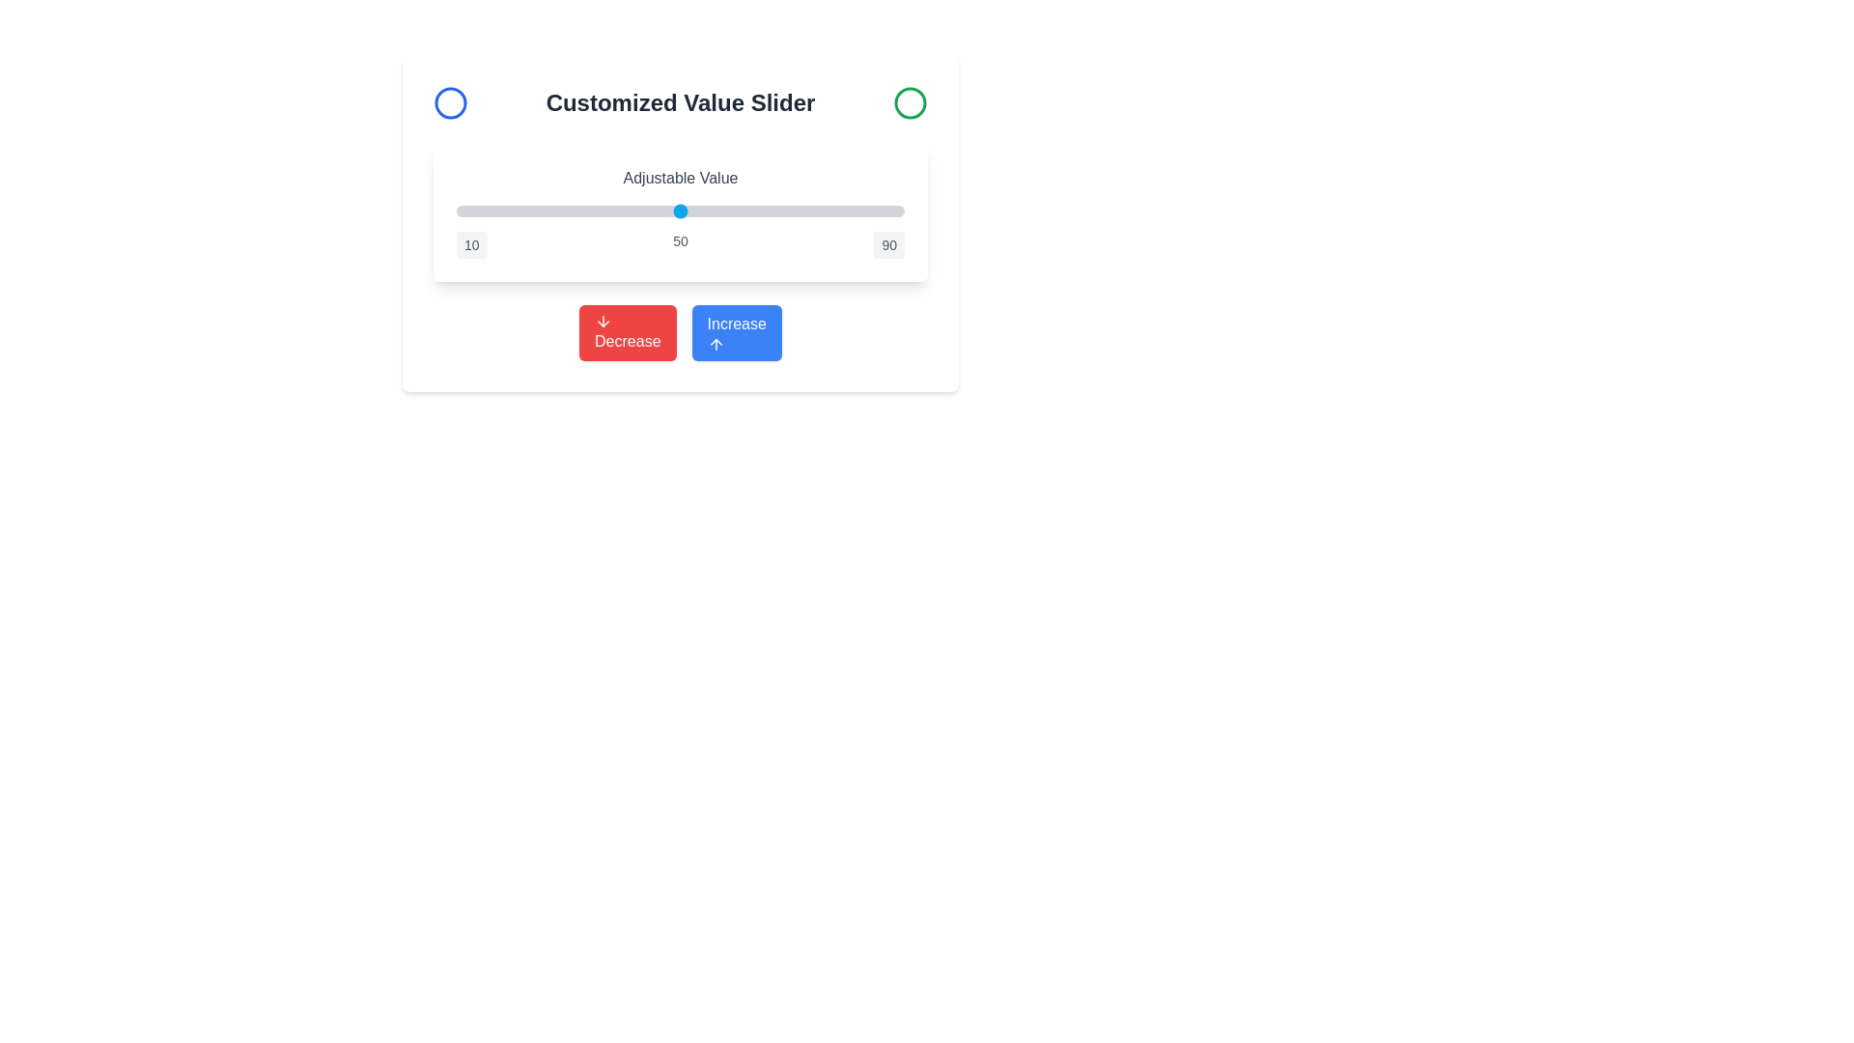 Image resolution: width=1854 pixels, height=1043 pixels. I want to click on adjustable value, so click(568, 211).